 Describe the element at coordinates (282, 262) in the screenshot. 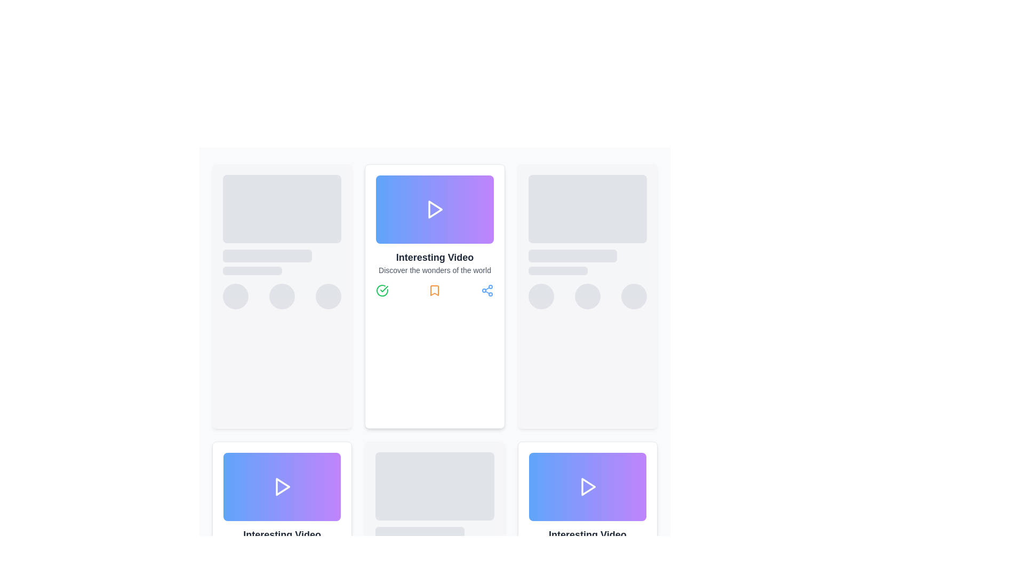

I see `the Placeholder component, which consists of two stacked rectangular bars with rounded corners and a gray background, located between a large grey placeholder and a row of circular elements` at that location.